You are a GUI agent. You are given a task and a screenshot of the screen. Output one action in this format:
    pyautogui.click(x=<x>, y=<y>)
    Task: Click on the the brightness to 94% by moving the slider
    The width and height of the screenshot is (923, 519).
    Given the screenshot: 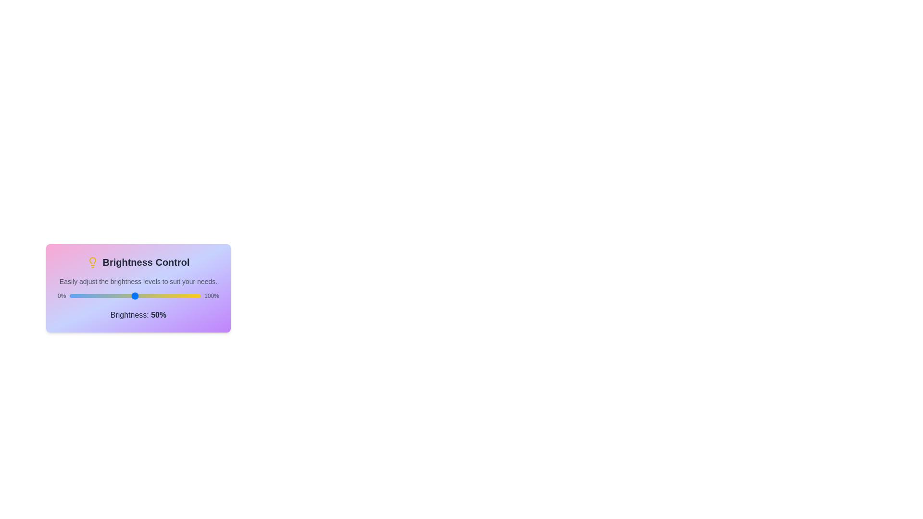 What is the action you would take?
    pyautogui.click(x=192, y=296)
    